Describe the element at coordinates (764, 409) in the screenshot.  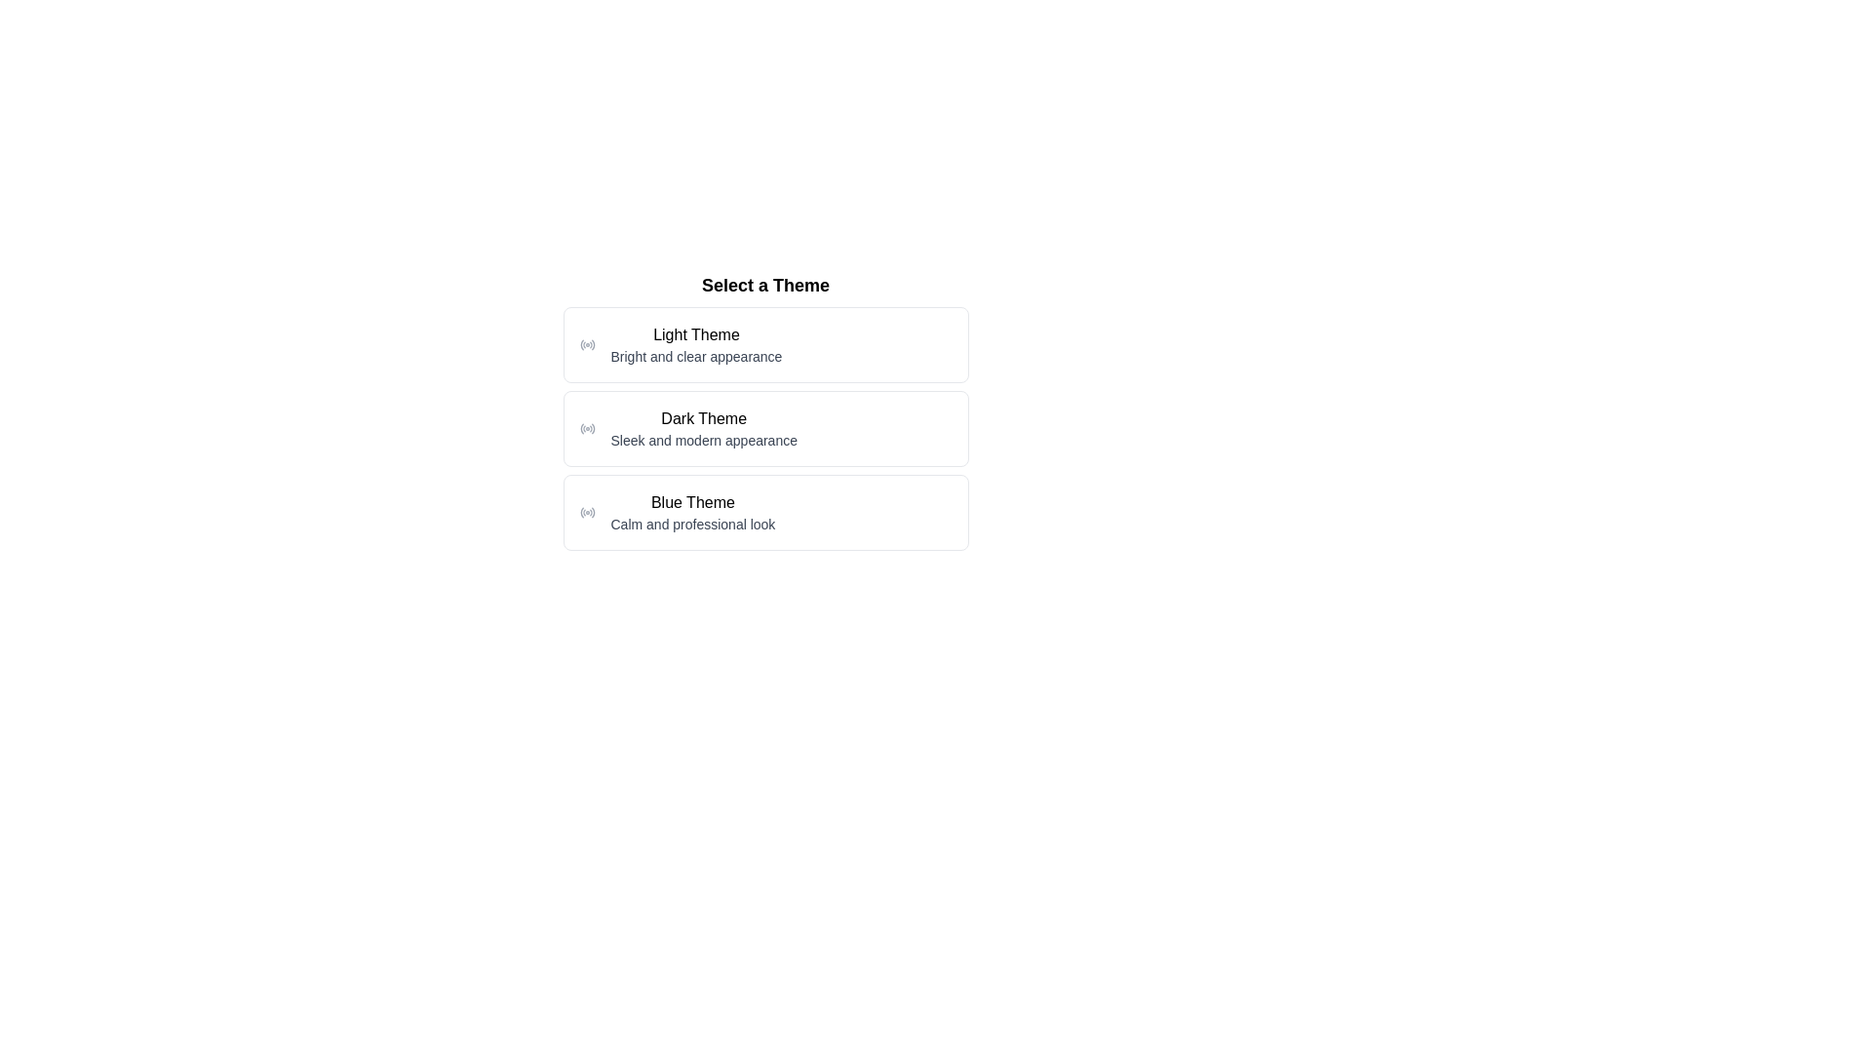
I see `the Selector Group` at that location.